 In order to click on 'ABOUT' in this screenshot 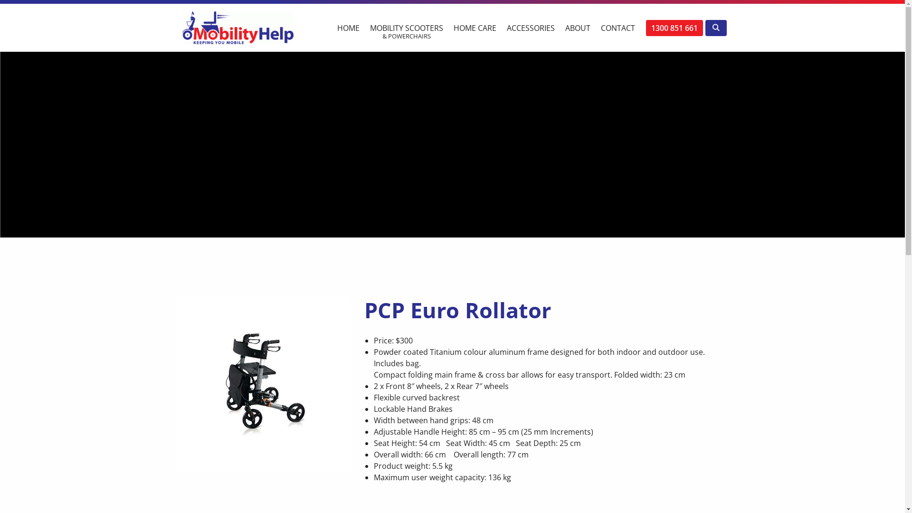, I will do `click(559, 23)`.